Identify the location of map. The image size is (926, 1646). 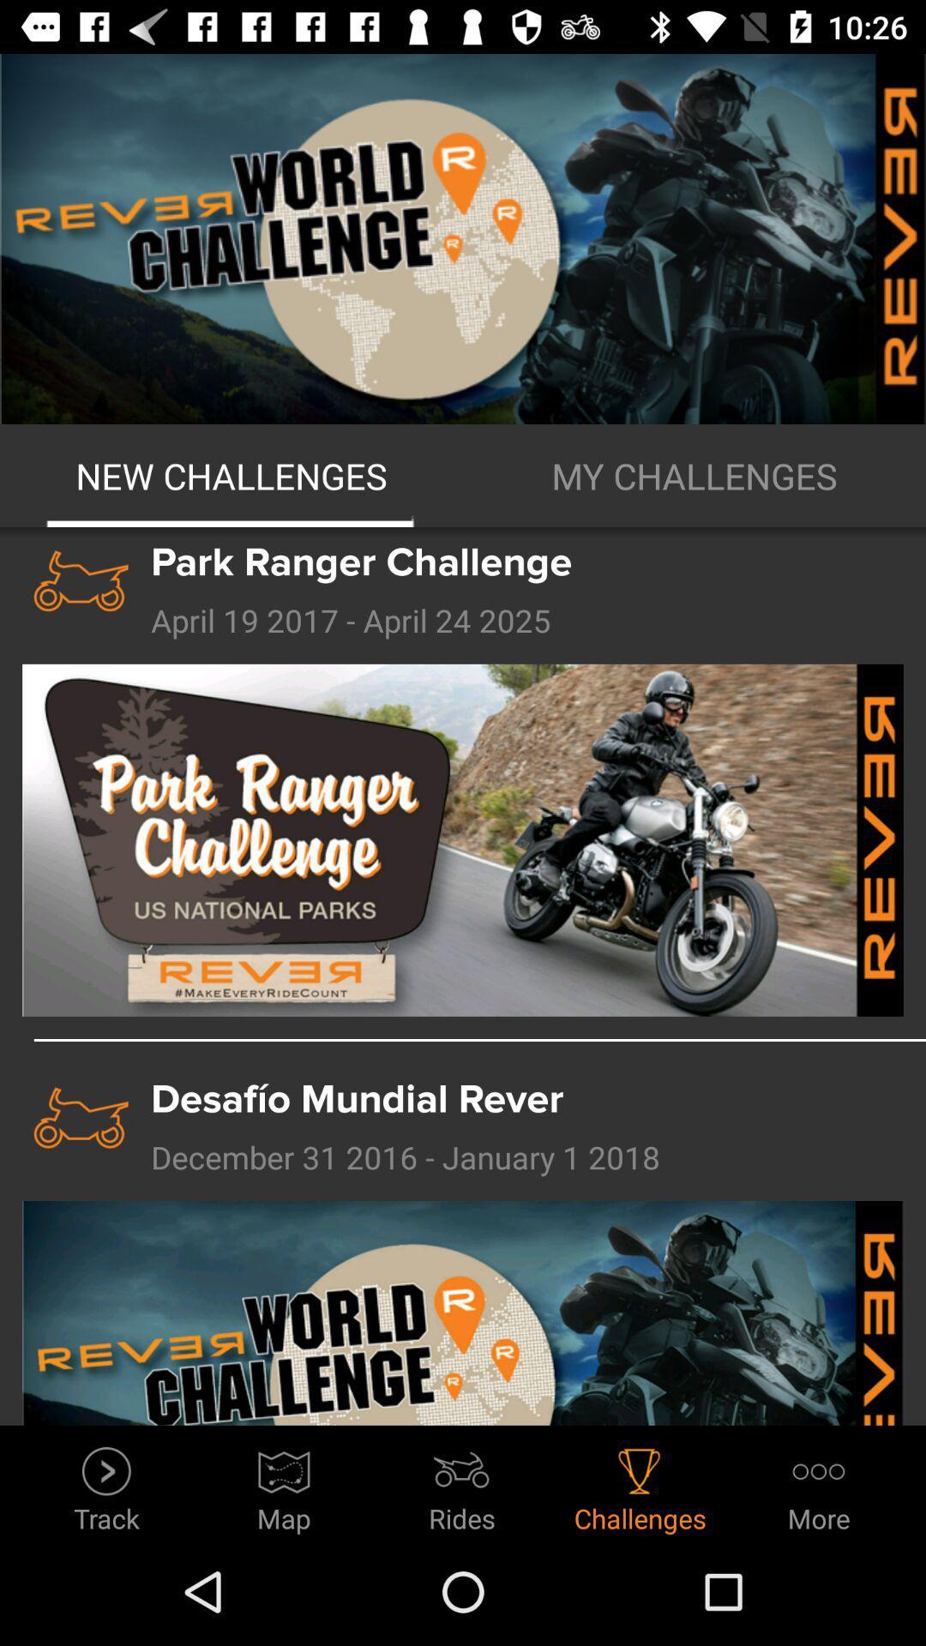
(283, 1484).